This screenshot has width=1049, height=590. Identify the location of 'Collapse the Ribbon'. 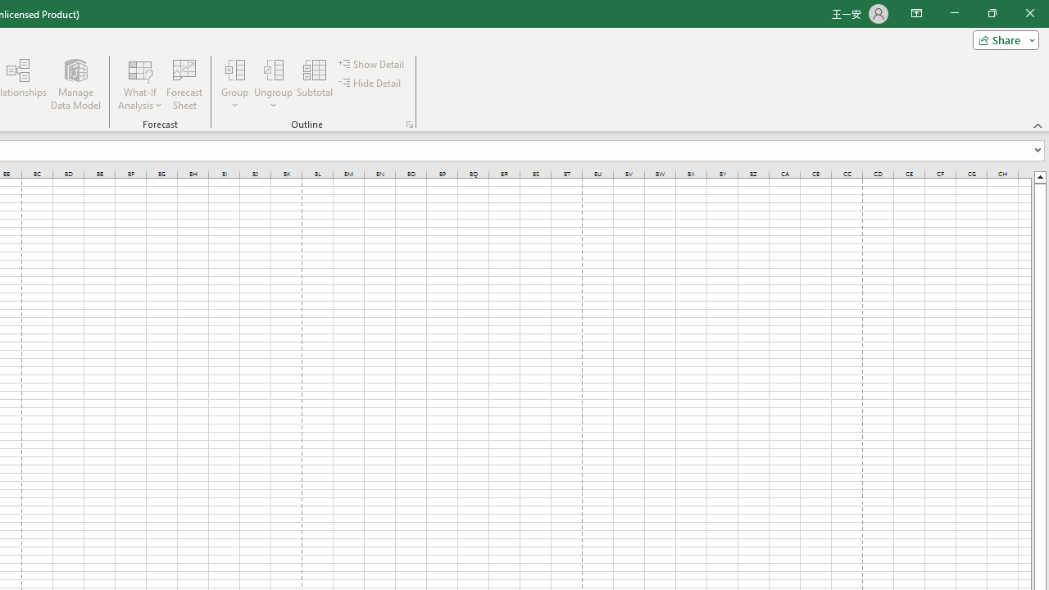
(1038, 125).